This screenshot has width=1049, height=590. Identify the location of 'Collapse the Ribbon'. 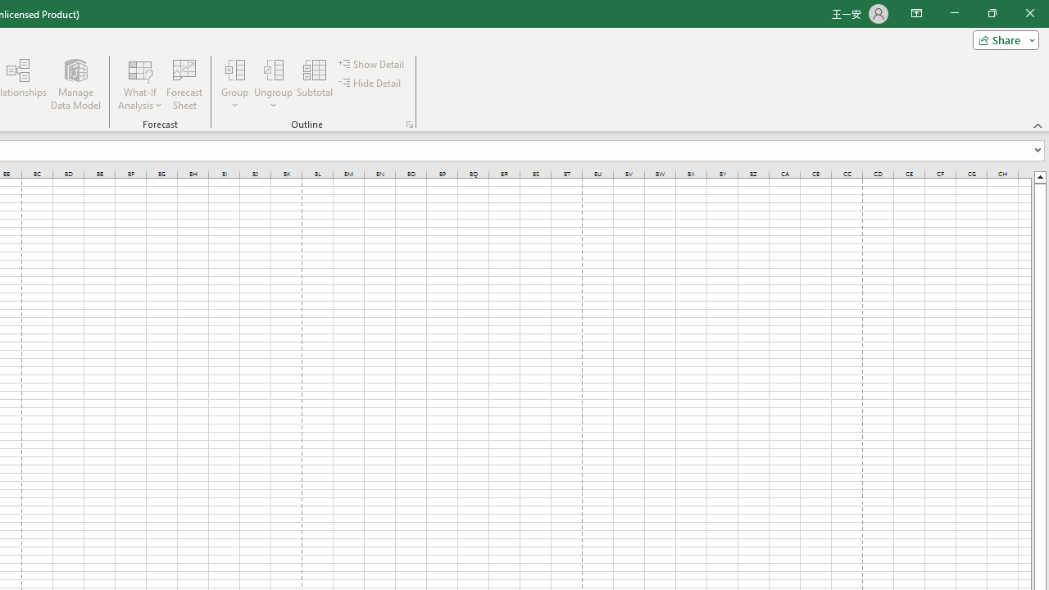
(1038, 125).